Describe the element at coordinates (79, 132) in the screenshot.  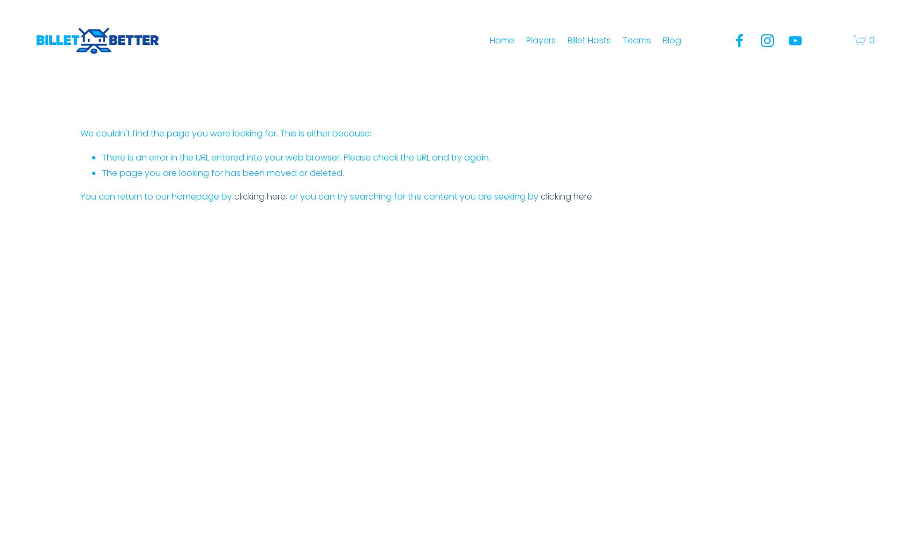
I see `'We couldn't find the page you were looking for. This is either because:'` at that location.